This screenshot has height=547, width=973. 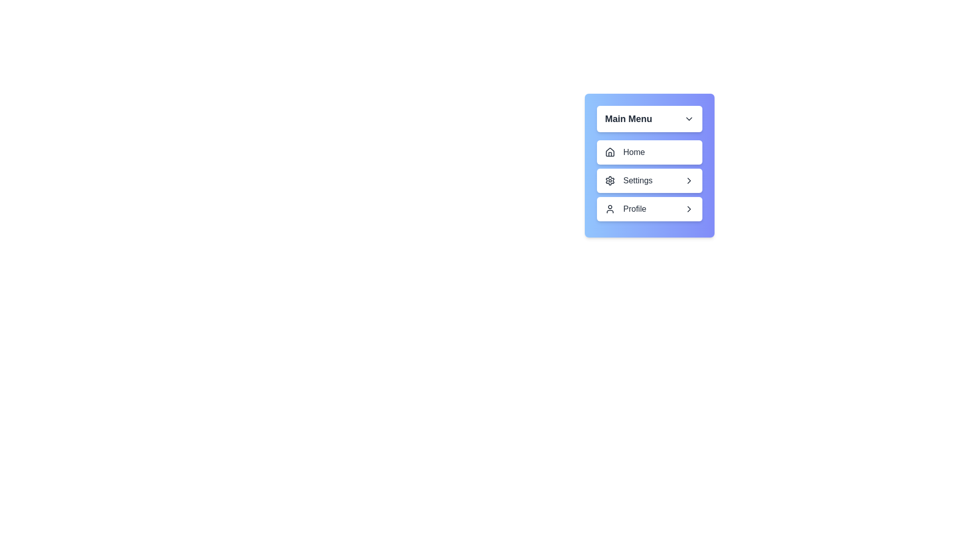 What do you see at coordinates (649, 180) in the screenshot?
I see `the submenu option Notifications under the menu item Settings` at bounding box center [649, 180].